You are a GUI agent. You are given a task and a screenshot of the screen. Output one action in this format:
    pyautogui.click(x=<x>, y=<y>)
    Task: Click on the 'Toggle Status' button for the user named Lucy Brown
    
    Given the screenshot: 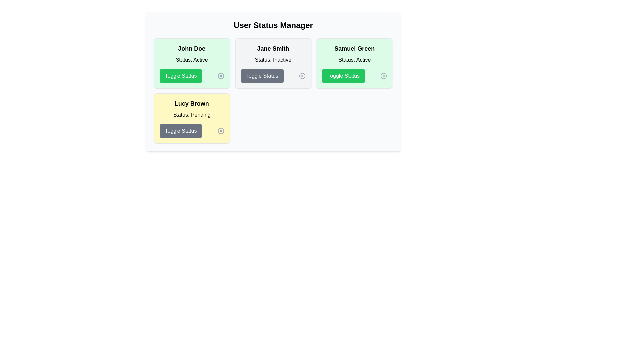 What is the action you would take?
    pyautogui.click(x=180, y=131)
    